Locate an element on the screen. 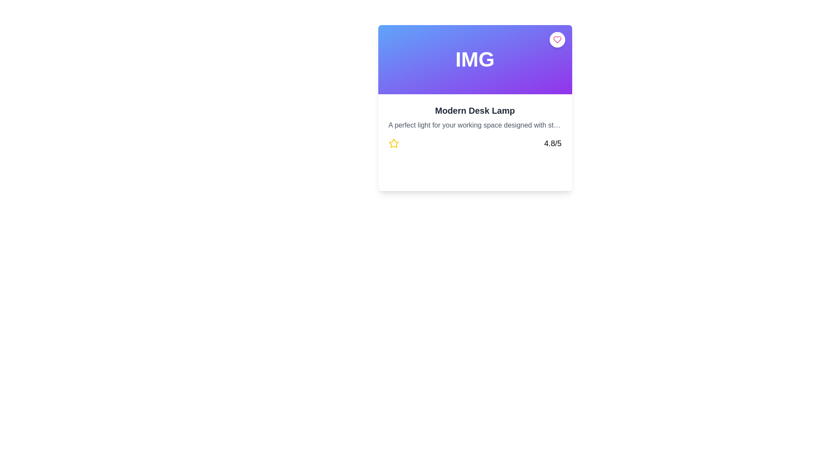  the call-to-action button located at the bottom center of the card layout, which is positioned directly below the star rating and to the left of the 'Details' link is located at coordinates (416, 175).